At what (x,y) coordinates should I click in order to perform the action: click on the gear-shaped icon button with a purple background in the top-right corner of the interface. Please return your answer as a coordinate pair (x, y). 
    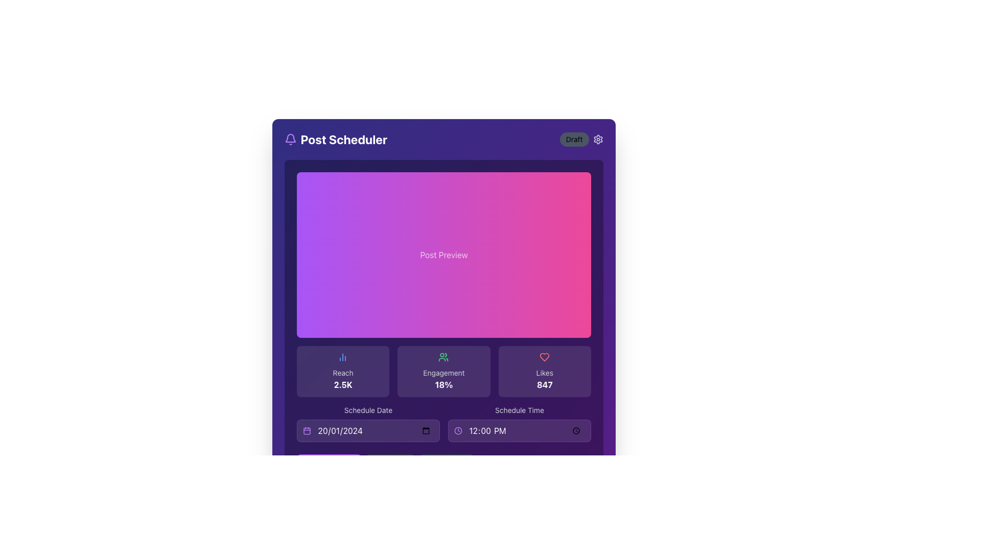
    Looking at the image, I should click on (598, 140).